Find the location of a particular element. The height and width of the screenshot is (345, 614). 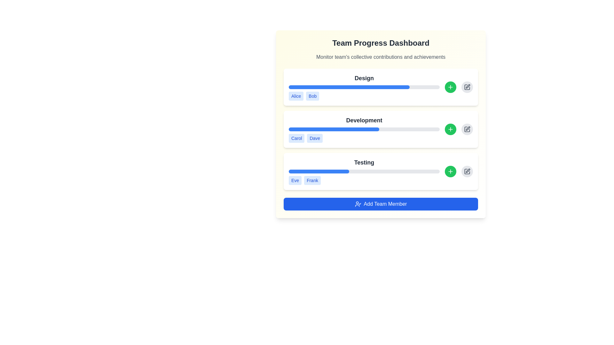

the third button in the vertical sequence located to the right of the 'Testing' progress bar is located at coordinates (467, 171).